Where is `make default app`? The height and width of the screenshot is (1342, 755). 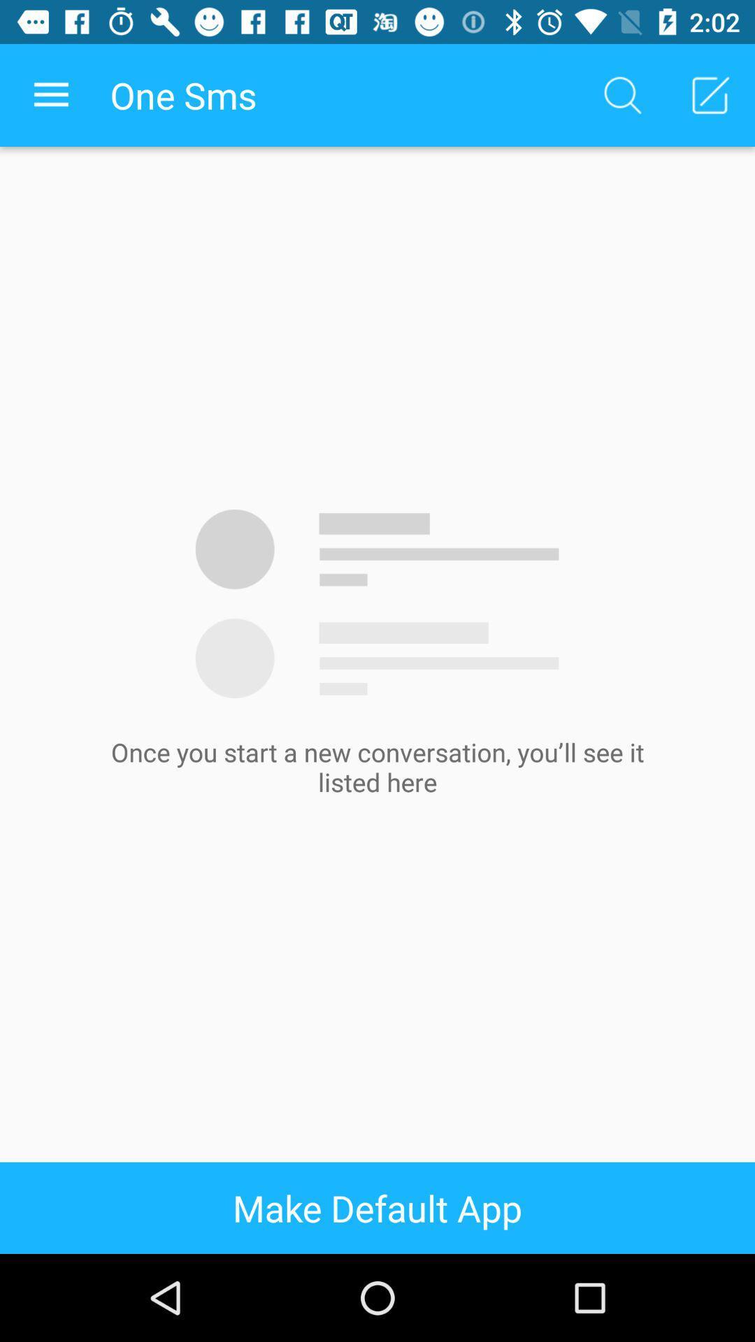
make default app is located at coordinates (377, 1207).